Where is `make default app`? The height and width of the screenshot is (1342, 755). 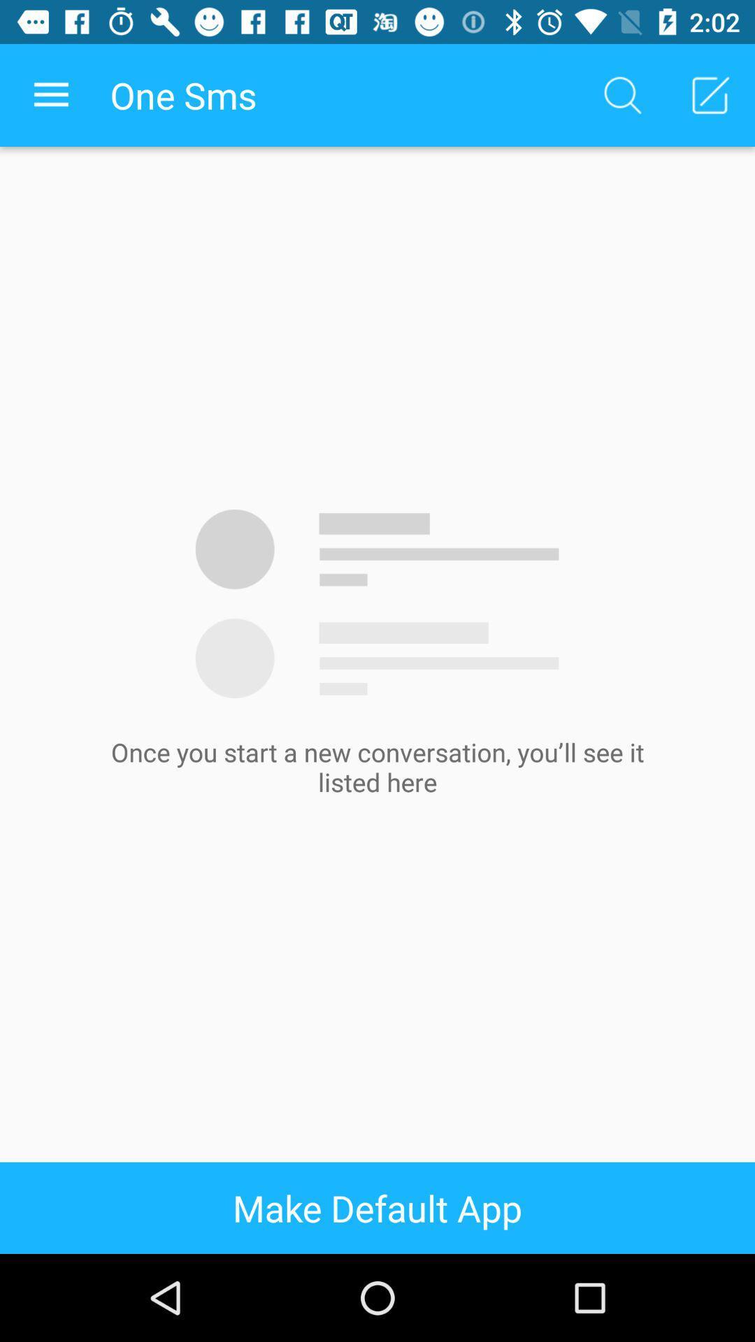
make default app is located at coordinates (377, 1207).